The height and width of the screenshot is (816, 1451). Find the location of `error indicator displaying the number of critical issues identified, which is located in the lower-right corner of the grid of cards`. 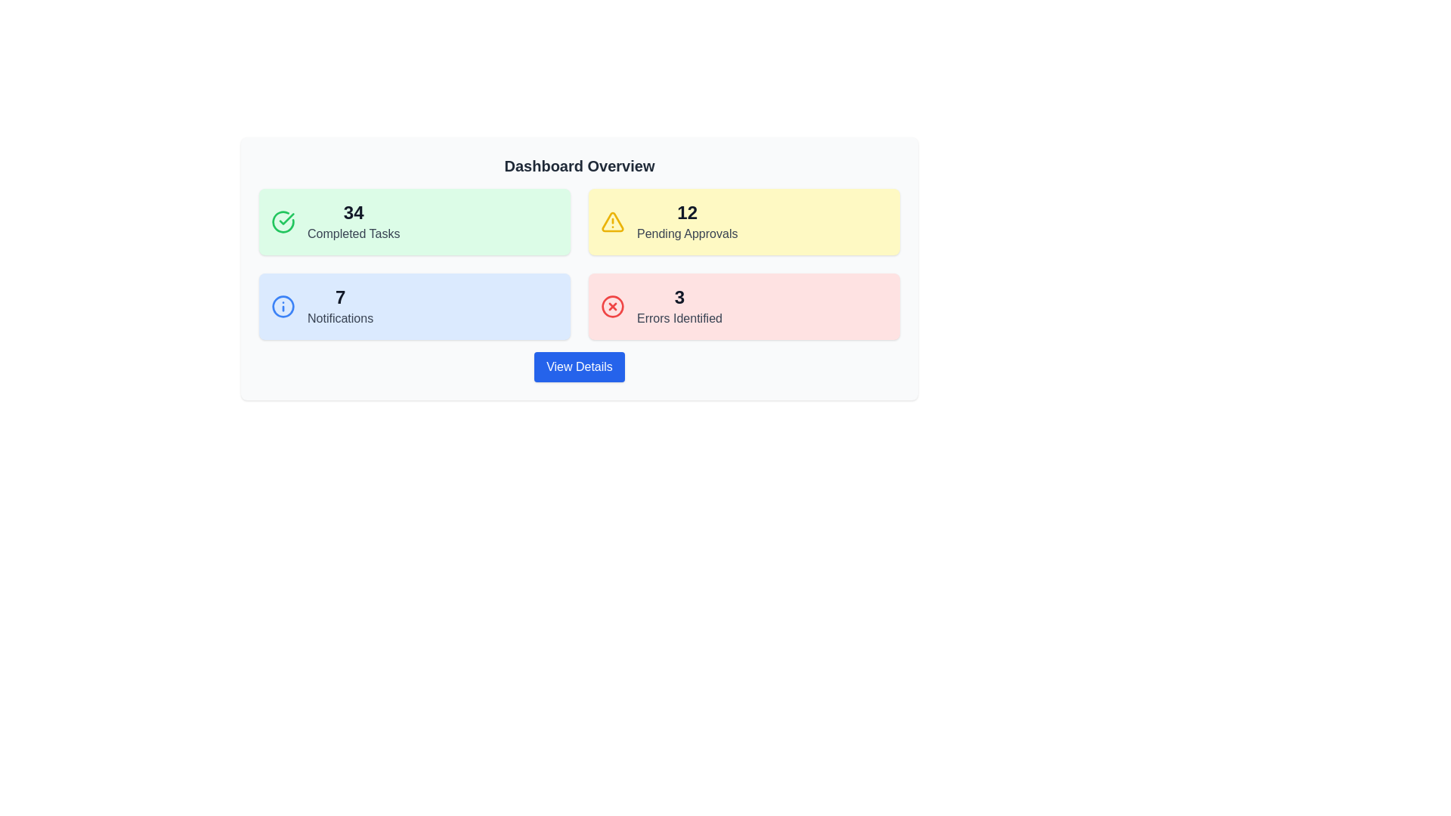

error indicator displaying the number of critical issues identified, which is located in the lower-right corner of the grid of cards is located at coordinates (744, 306).